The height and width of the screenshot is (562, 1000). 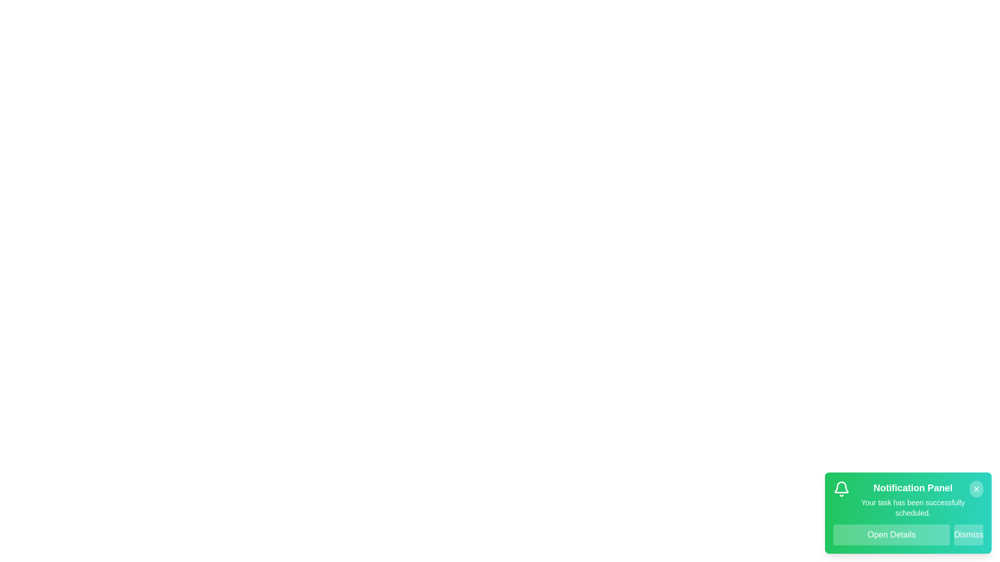 I want to click on the close button to dismiss the notification, so click(x=976, y=489).